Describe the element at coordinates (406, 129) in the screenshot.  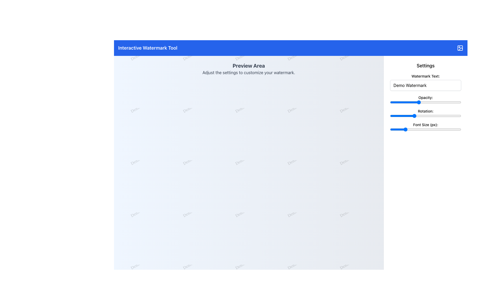
I see `font size` at that location.